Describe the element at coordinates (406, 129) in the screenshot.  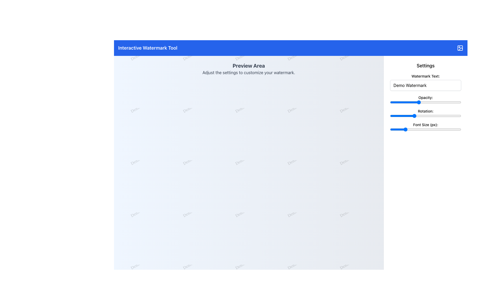
I see `font size` at that location.